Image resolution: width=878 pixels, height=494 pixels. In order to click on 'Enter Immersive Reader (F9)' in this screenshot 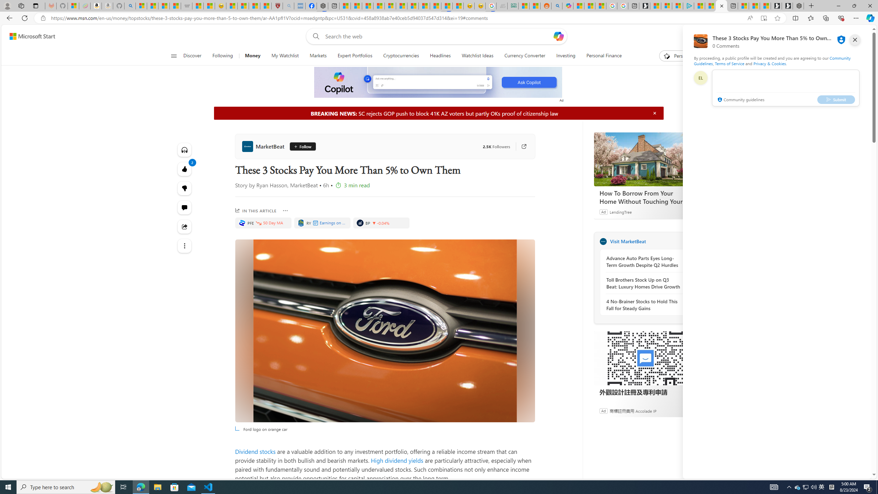, I will do `click(763, 18)`.